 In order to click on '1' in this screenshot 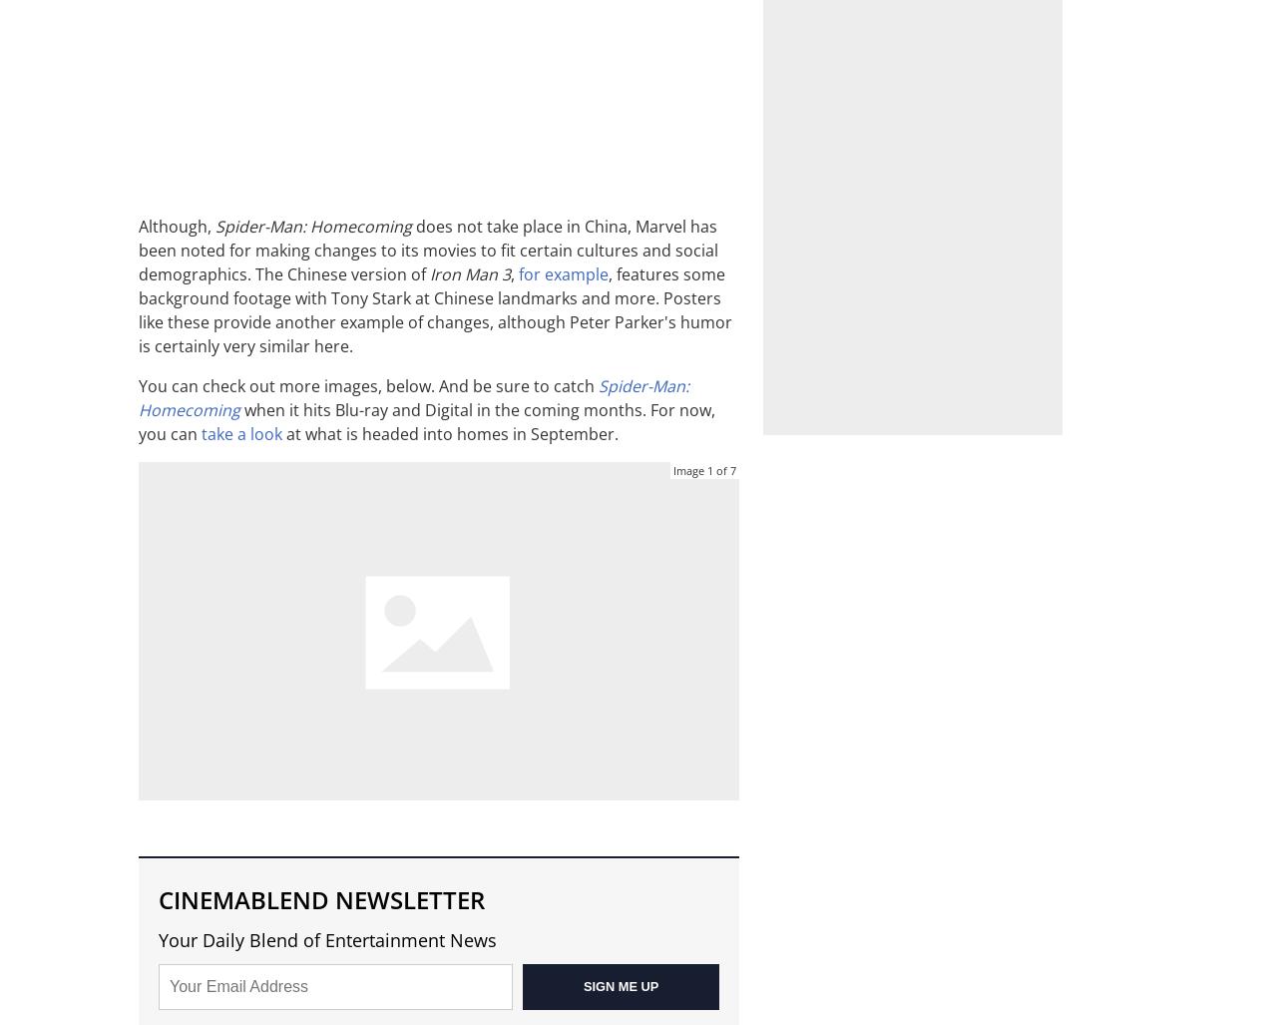, I will do `click(709, 470)`.